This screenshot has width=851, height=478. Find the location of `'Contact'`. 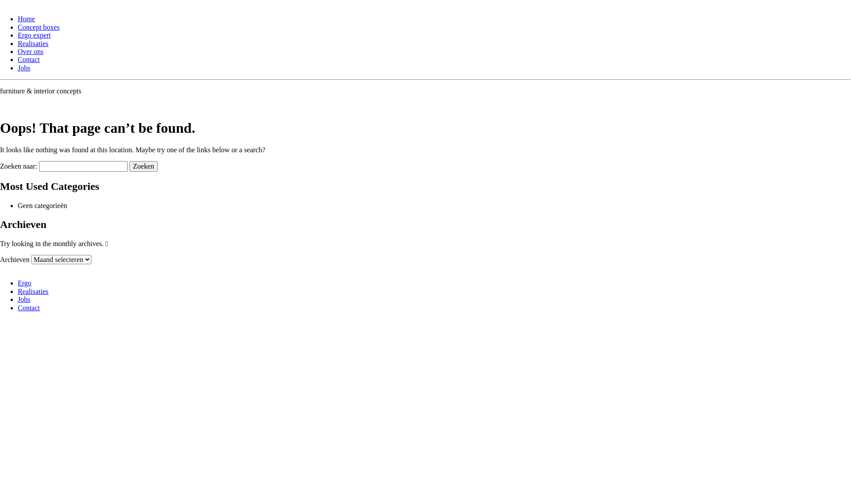

'Contact' is located at coordinates (29, 59).